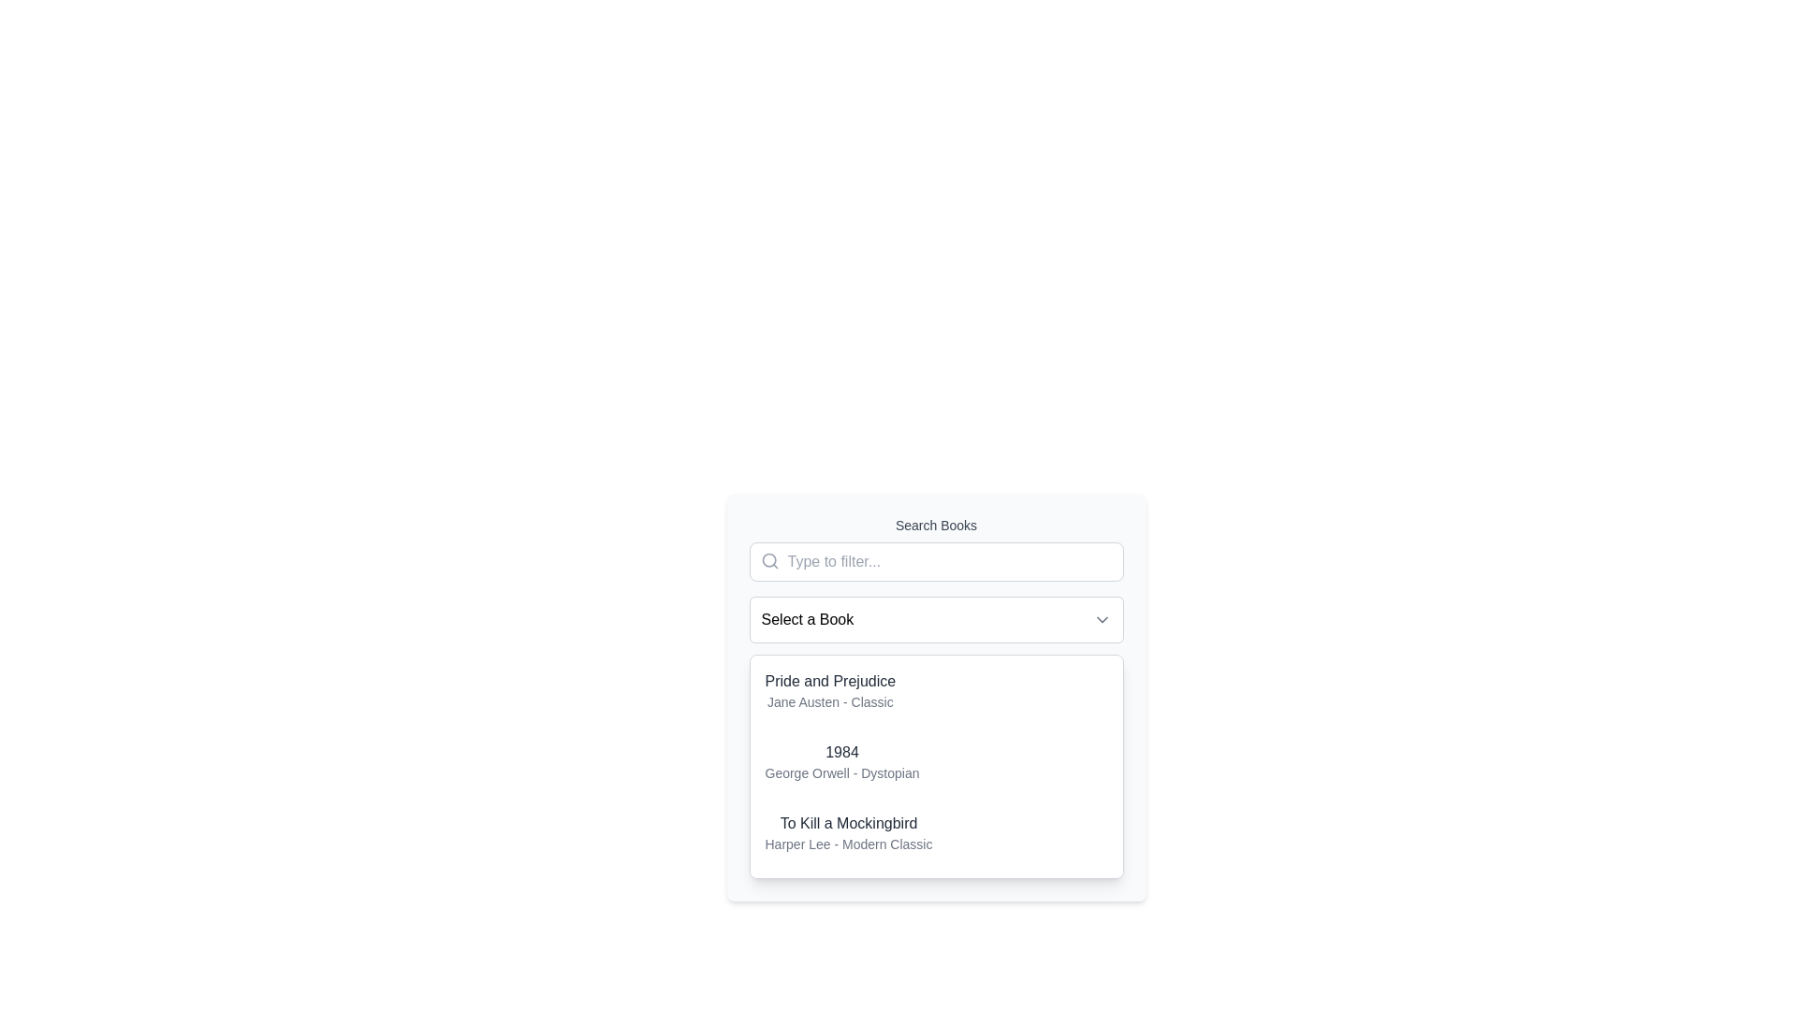 This screenshot has height=1010, width=1797. I want to click on text content of the 'Pride and Prejudice' title displayed in the dropdown list under the 'Select a Book' field, so click(829, 682).